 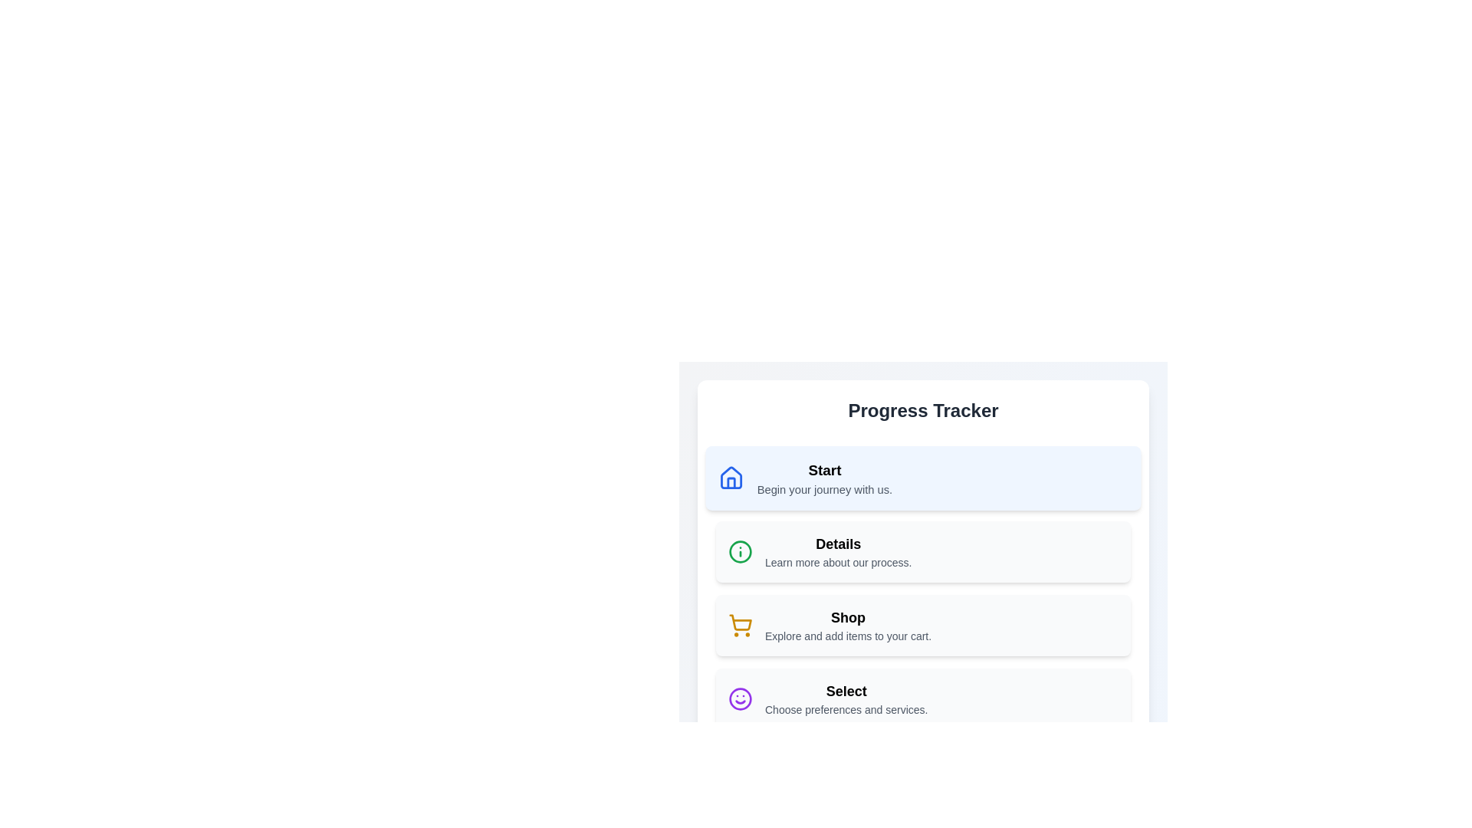 I want to click on the icon located in the 'Details' section, positioned to the left of the text 'Details Learn more about our process.', so click(x=740, y=552).